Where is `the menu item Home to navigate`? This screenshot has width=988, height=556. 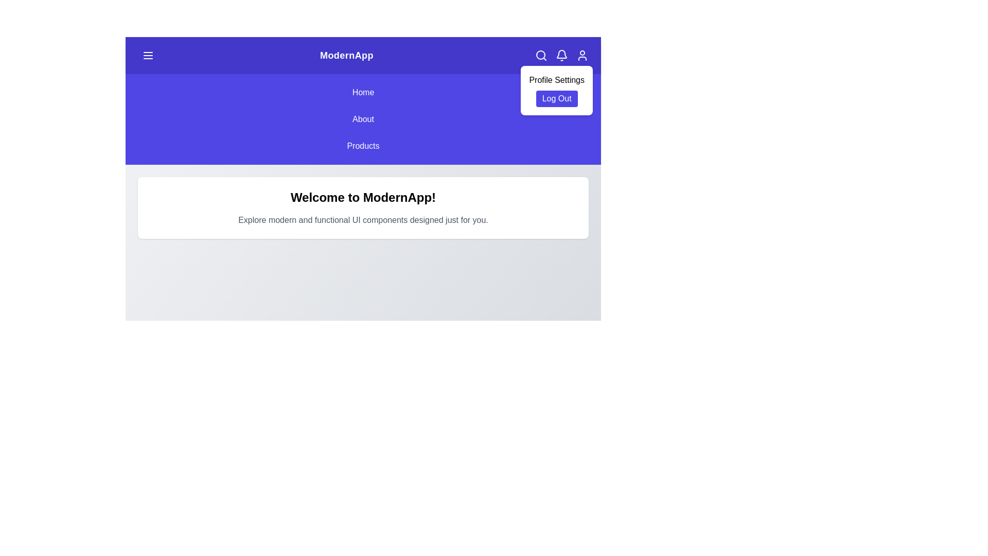
the menu item Home to navigate is located at coordinates (363, 93).